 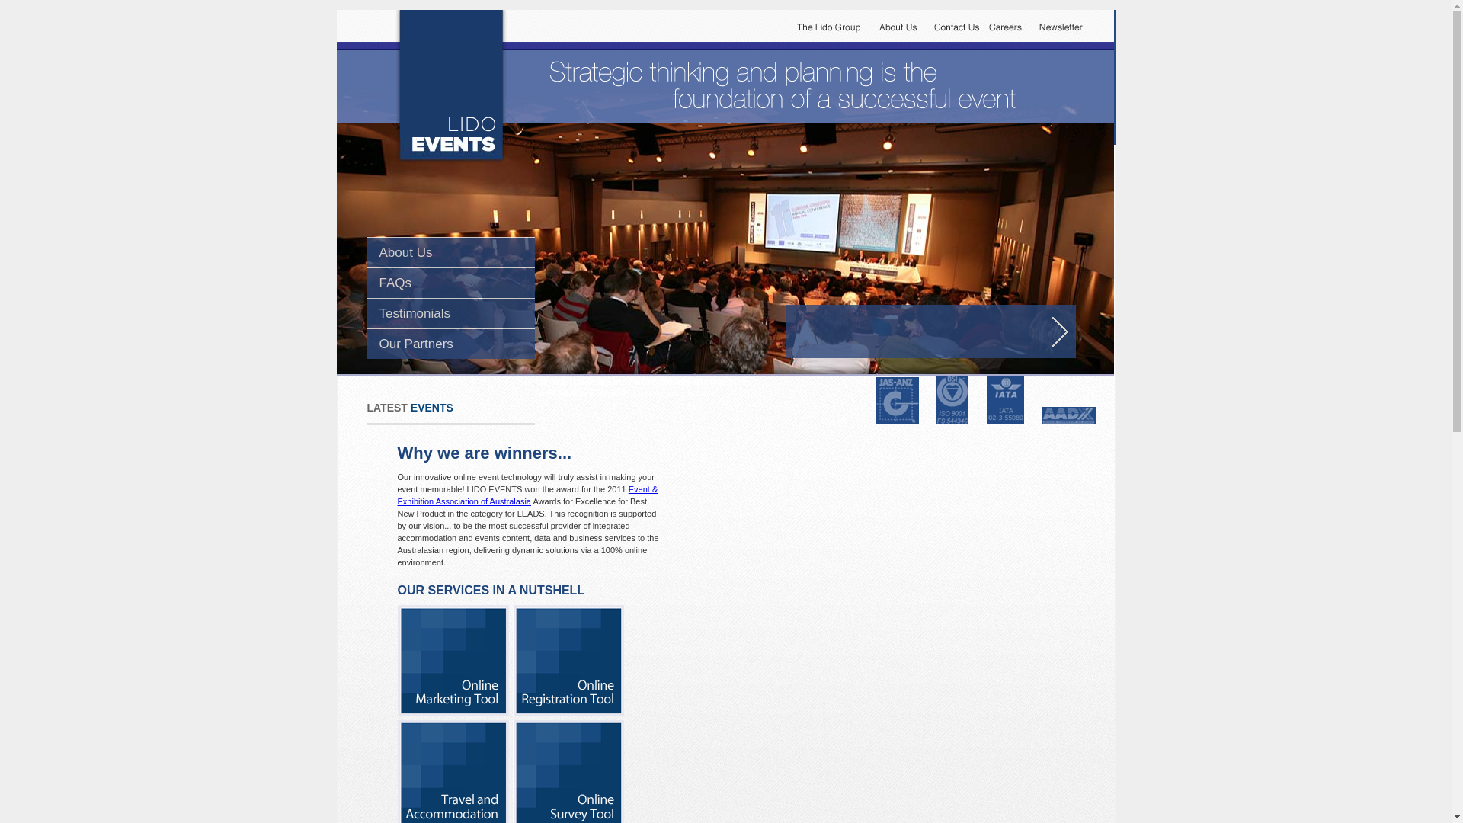 I want to click on 'FAQs', so click(x=395, y=283).